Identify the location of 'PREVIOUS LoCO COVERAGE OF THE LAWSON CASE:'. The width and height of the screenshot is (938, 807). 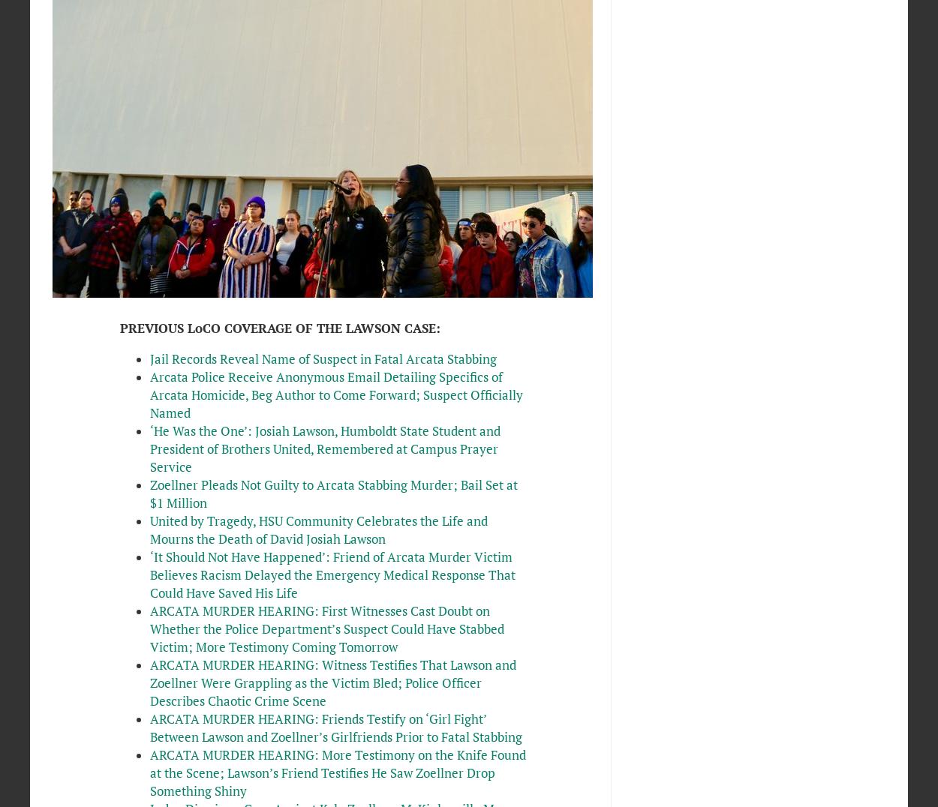
(278, 328).